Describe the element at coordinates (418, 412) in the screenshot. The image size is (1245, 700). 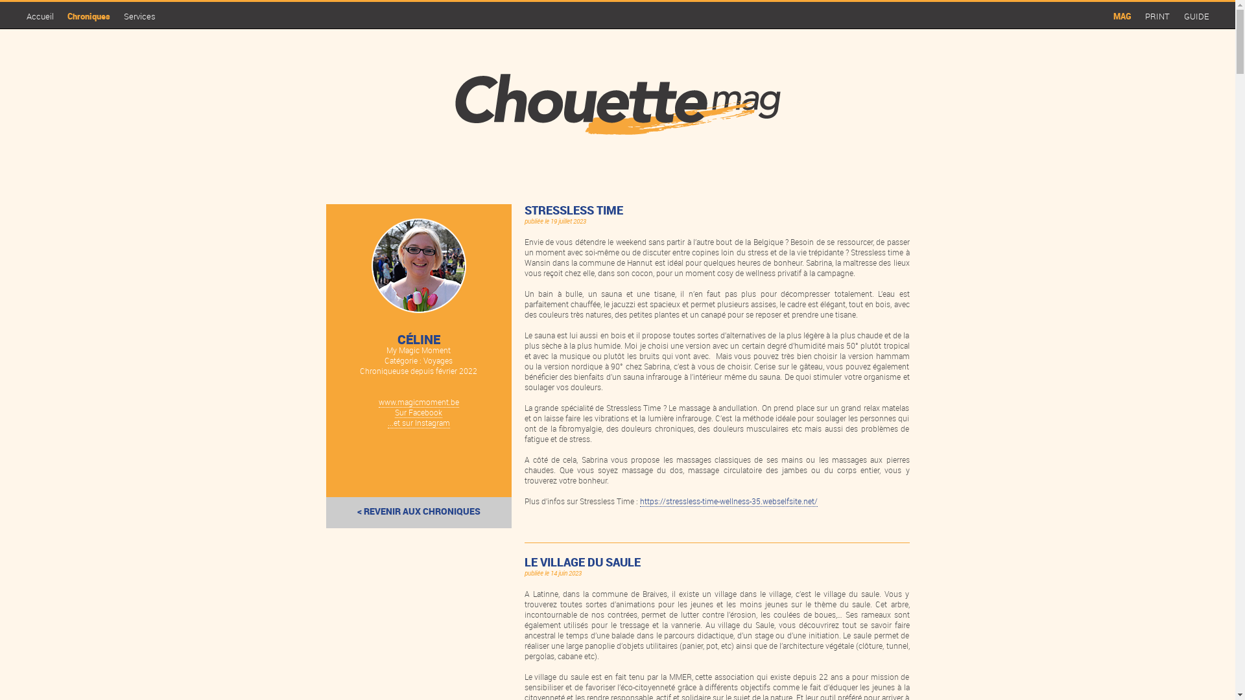
I see `'Sur Facebook'` at that location.